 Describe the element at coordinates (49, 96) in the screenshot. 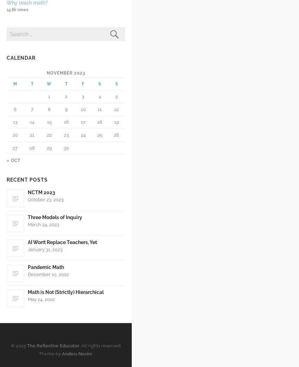

I see `'1'` at that location.